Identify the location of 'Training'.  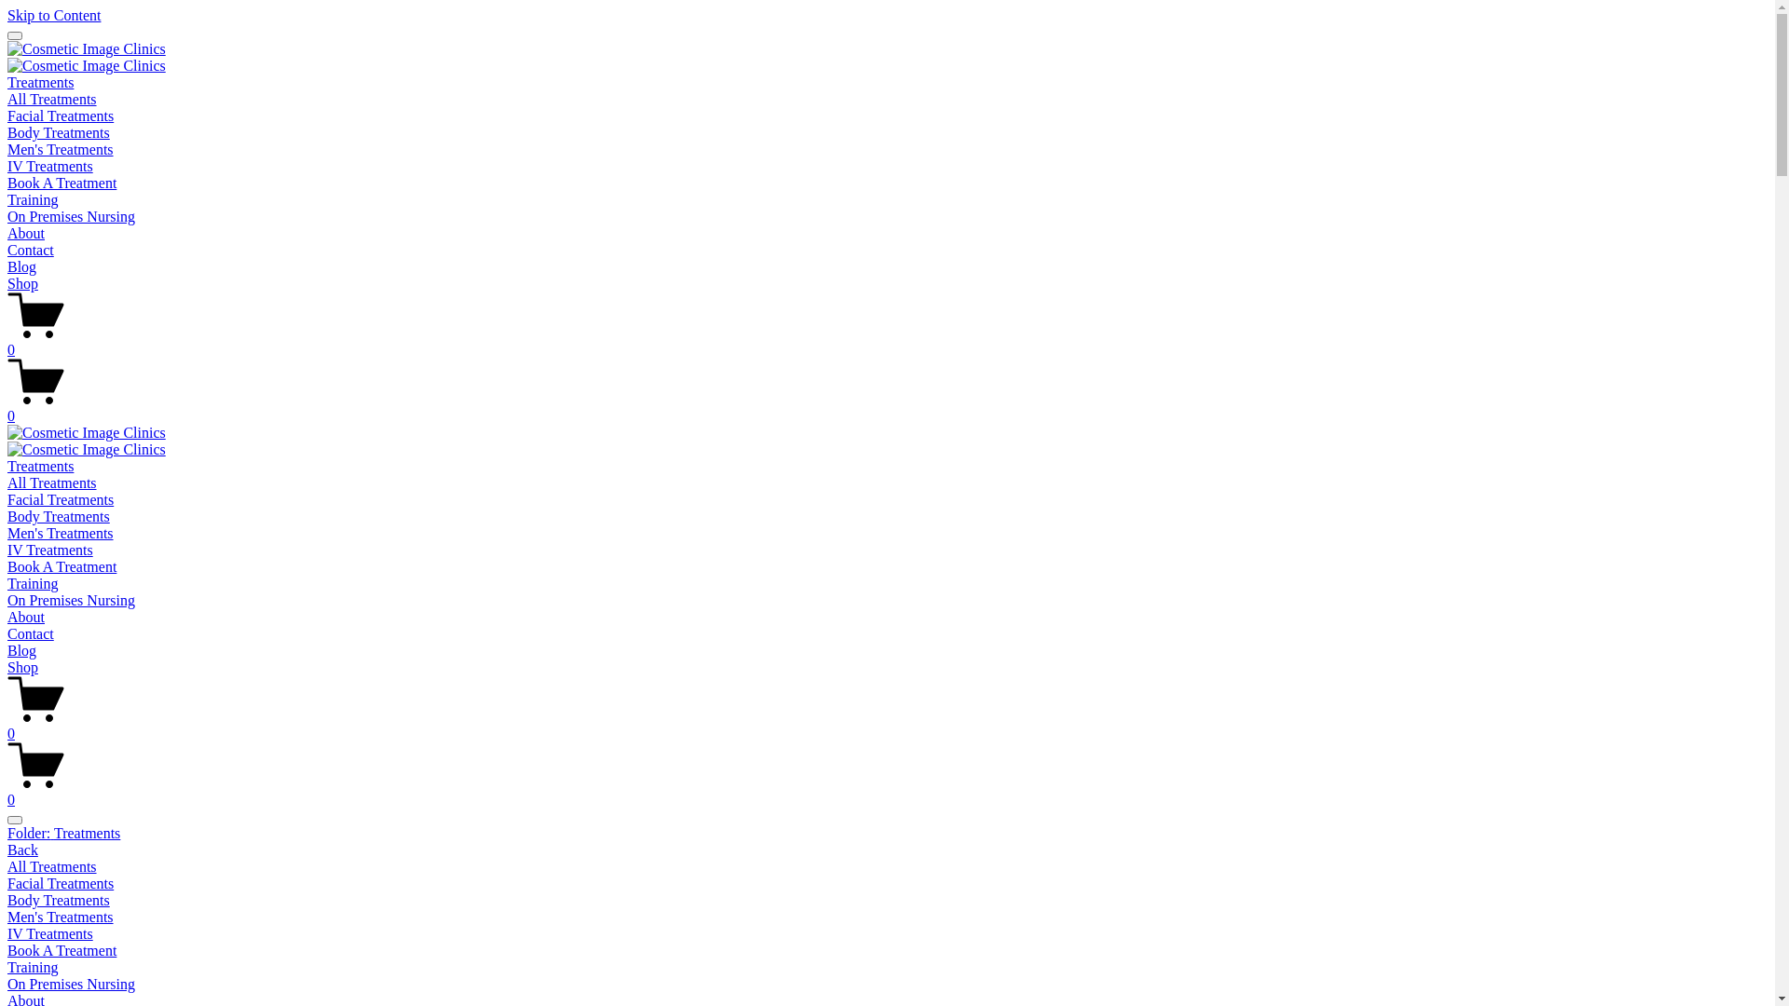
(33, 582).